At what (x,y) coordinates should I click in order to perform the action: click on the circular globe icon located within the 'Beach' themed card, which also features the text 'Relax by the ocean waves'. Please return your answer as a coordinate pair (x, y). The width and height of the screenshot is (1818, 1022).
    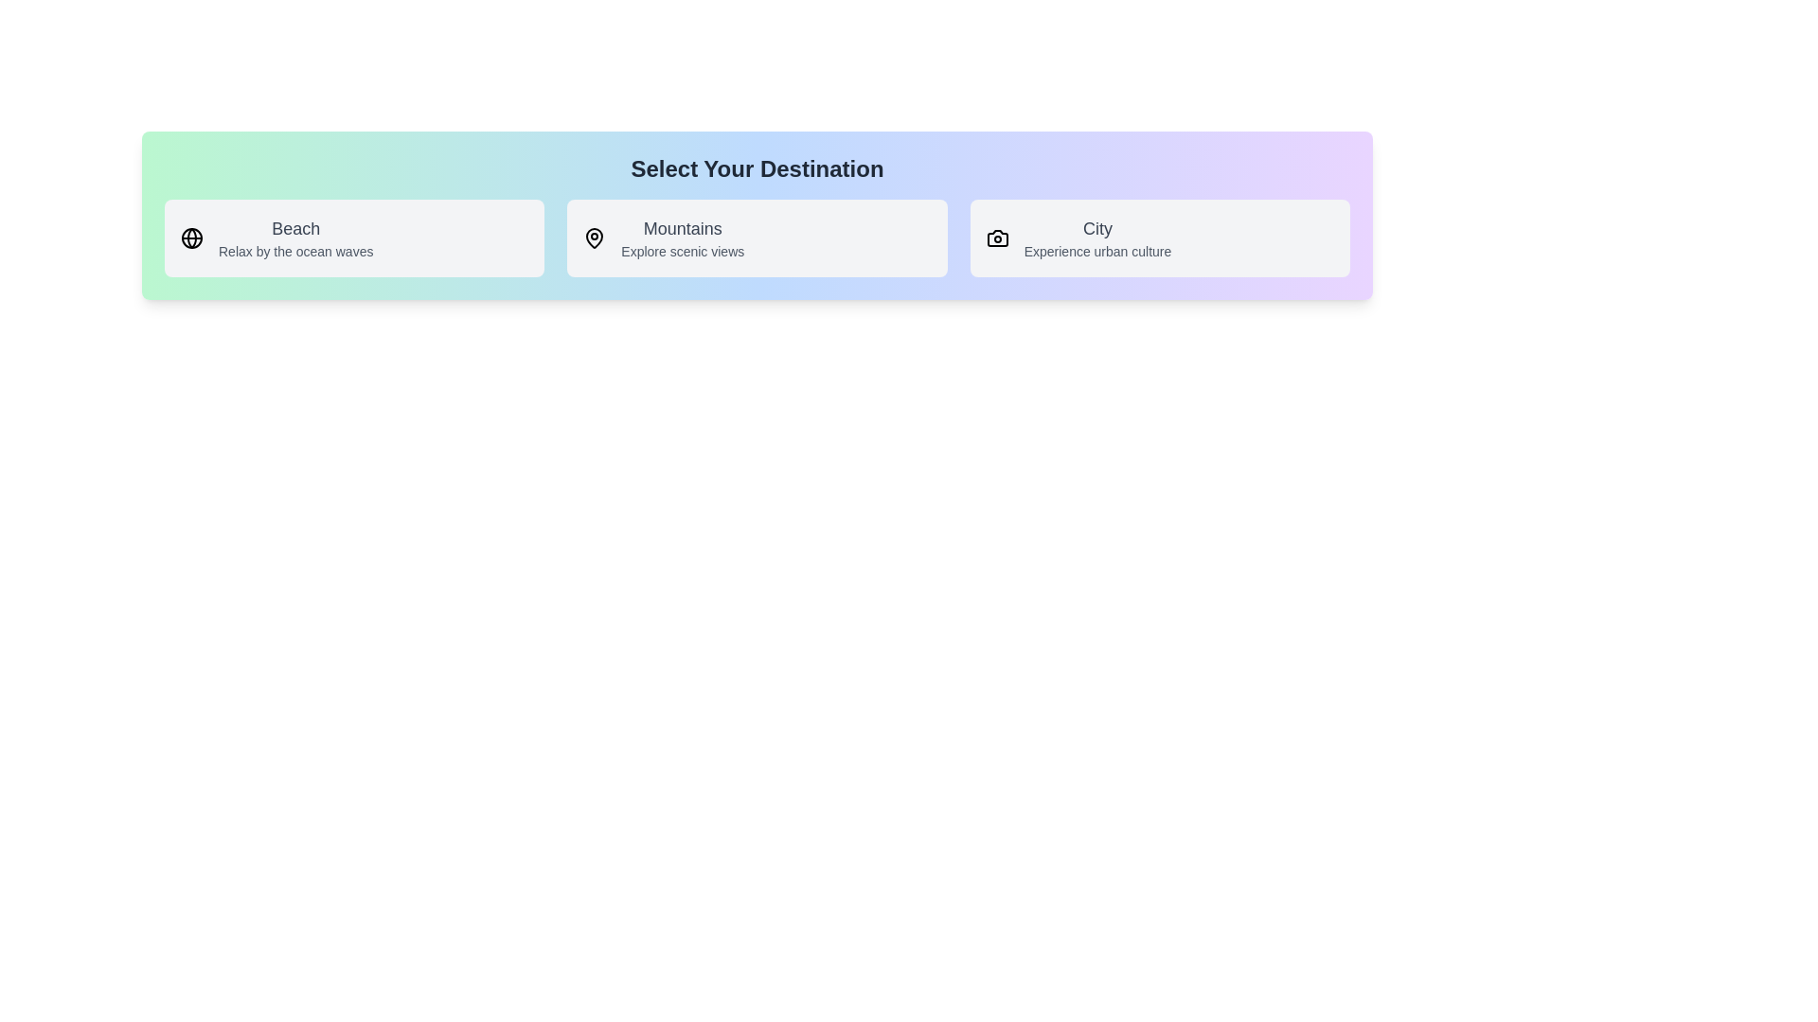
    Looking at the image, I should click on (191, 237).